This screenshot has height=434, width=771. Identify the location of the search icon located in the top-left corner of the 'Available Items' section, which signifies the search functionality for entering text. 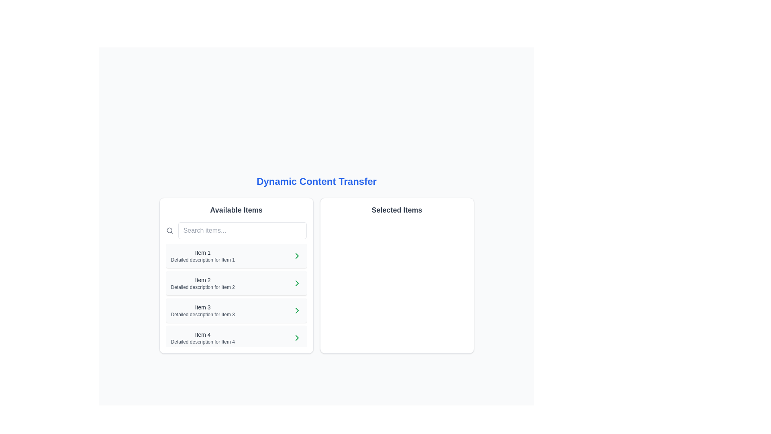
(169, 231).